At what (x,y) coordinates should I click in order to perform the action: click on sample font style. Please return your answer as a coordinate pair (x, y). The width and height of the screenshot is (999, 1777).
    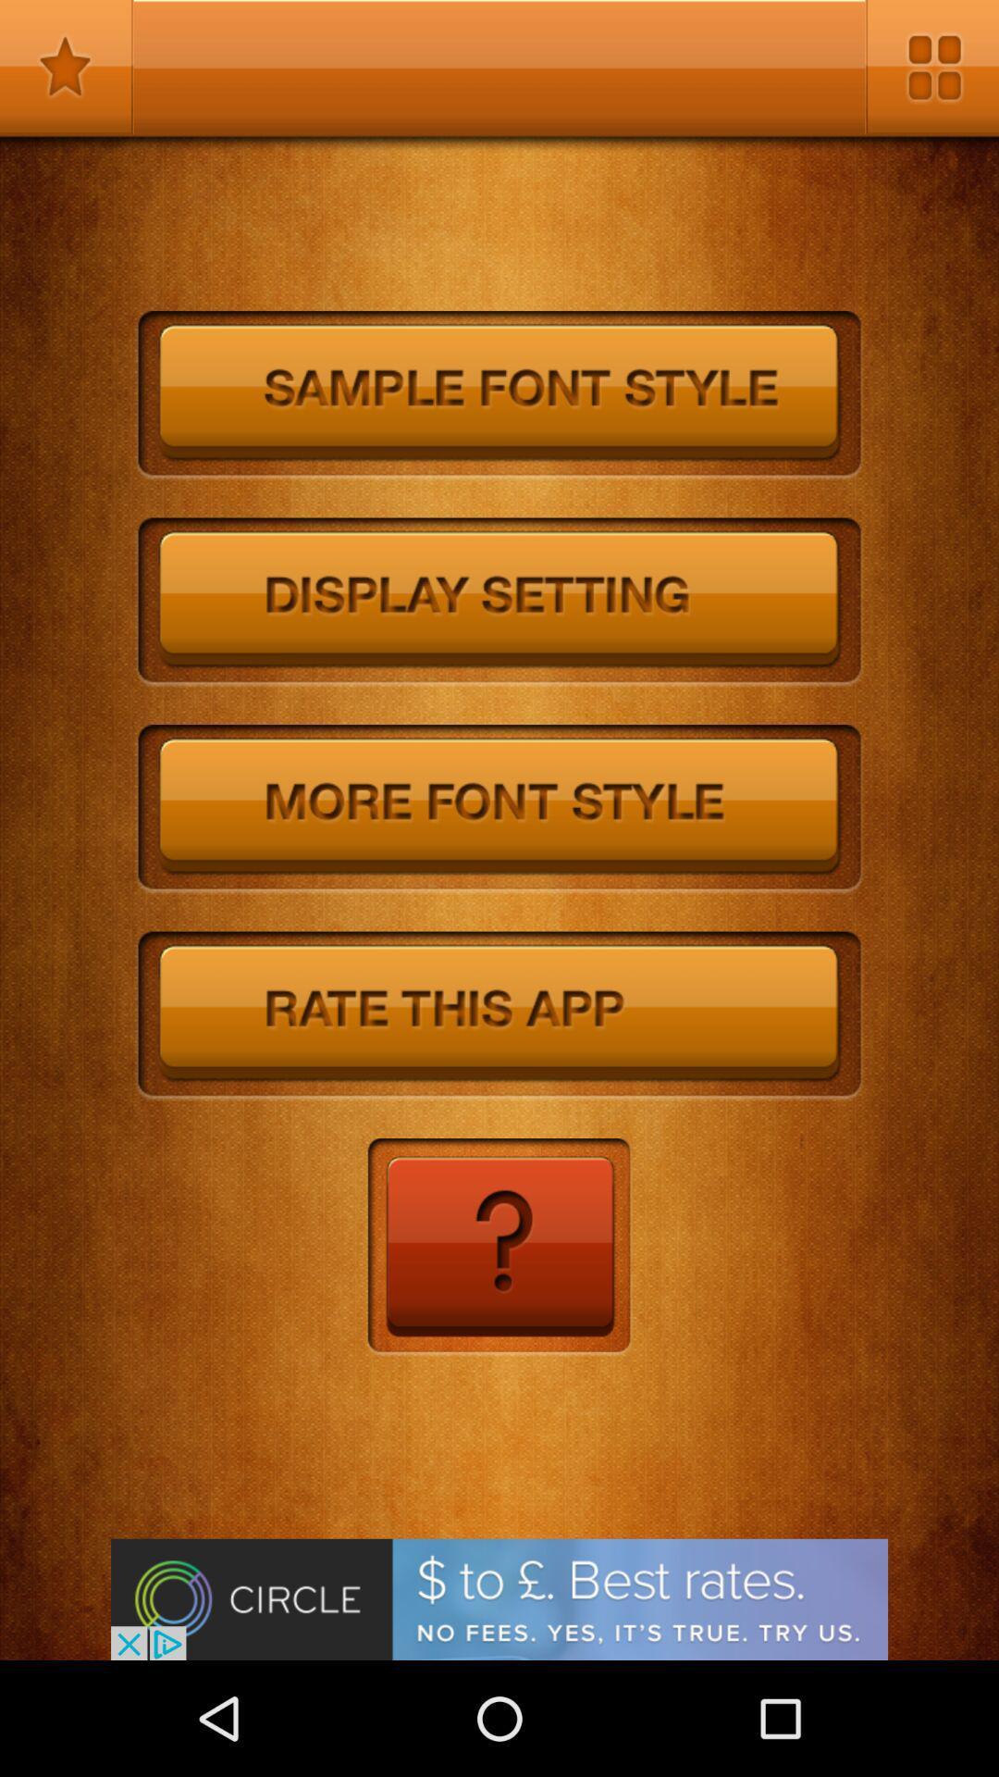
    Looking at the image, I should click on (499, 394).